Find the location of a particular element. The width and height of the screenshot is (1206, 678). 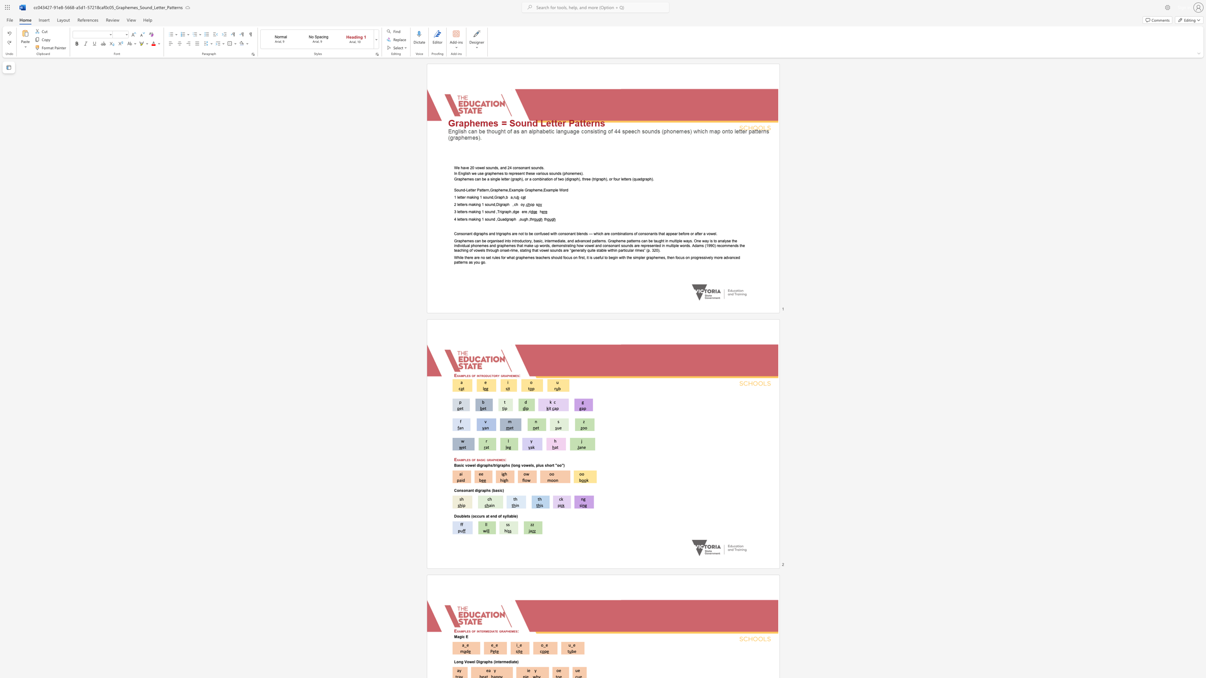

the subset text "quadgr" within the text "Graphemes can be a single letter (graph), or a combination of two (digraph), three (trigraph), or four letters (quadgraph)." is located at coordinates (633, 178).